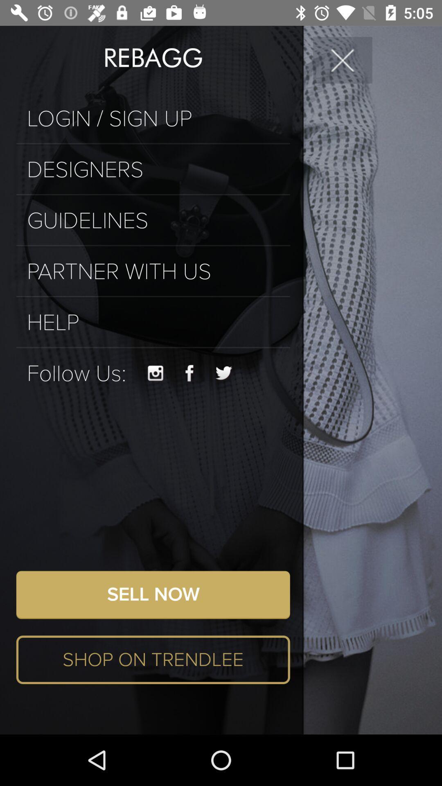 The image size is (442, 786). What do you see at coordinates (224, 373) in the screenshot?
I see `this is twitter icon` at bounding box center [224, 373].